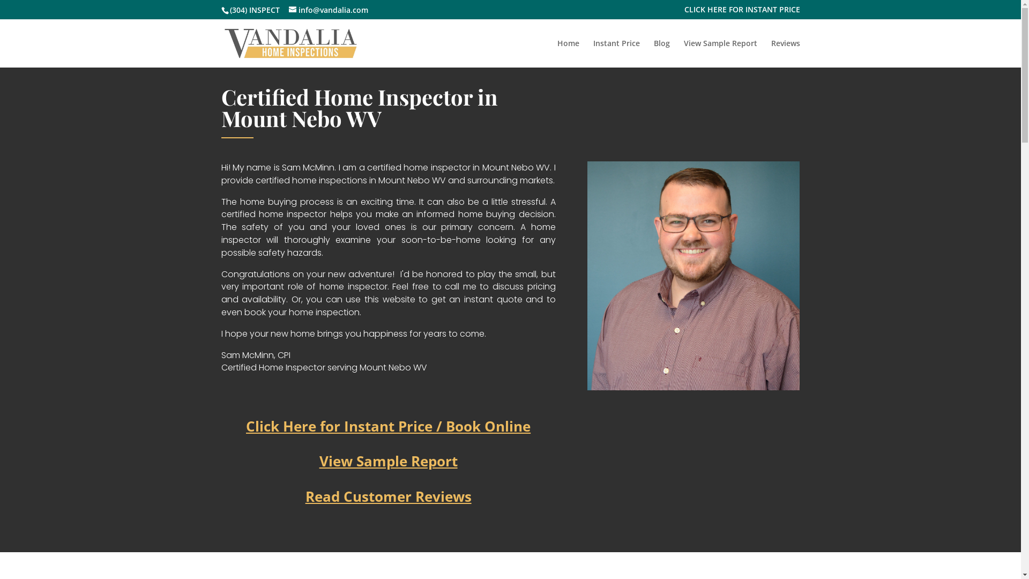  I want to click on 'info@vandalia.com', so click(327, 9).